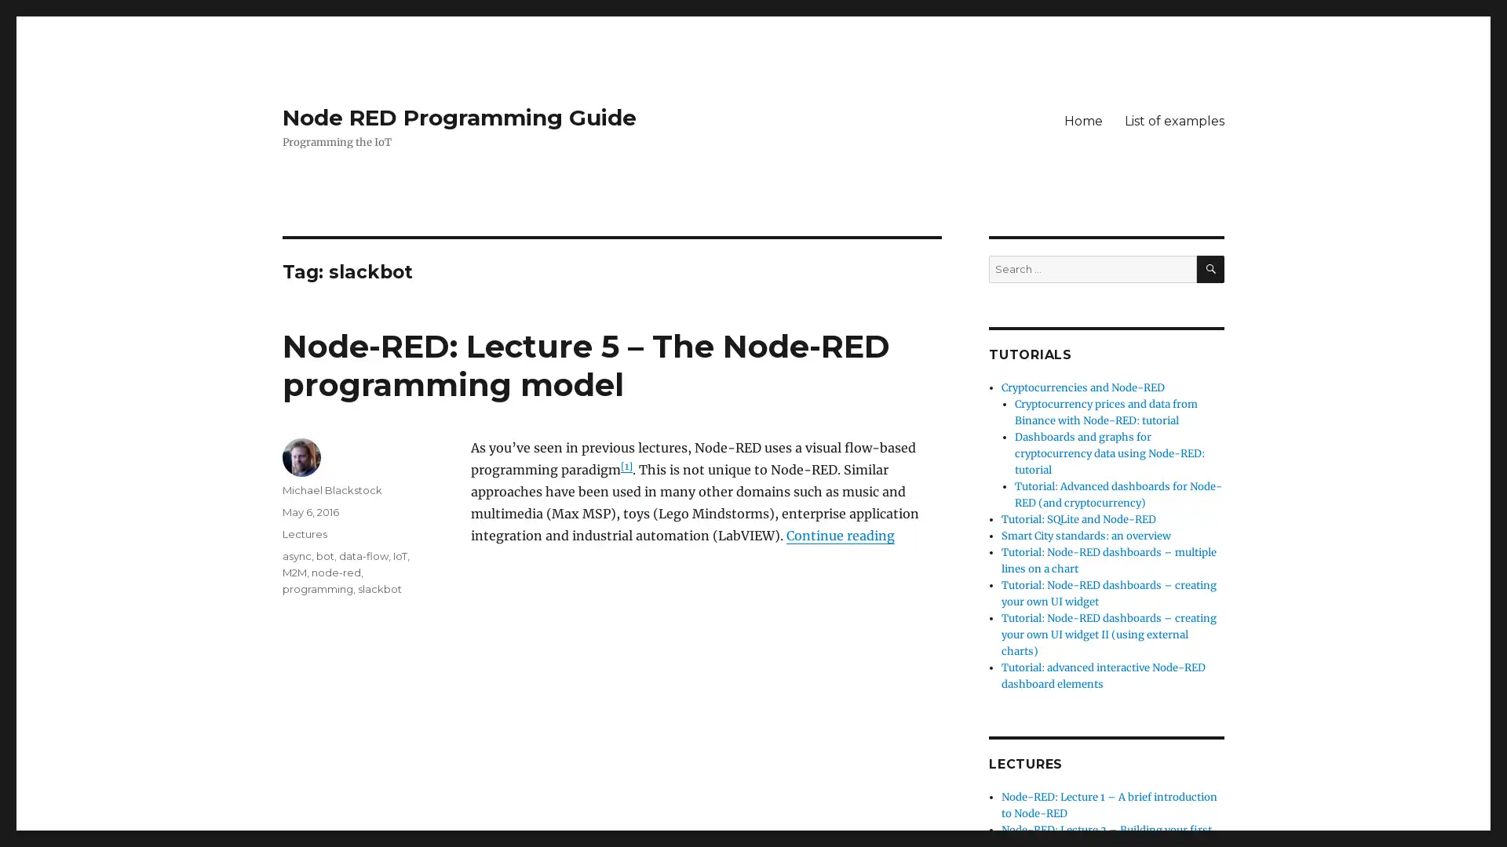 Image resolution: width=1507 pixels, height=847 pixels. What do you see at coordinates (1210, 268) in the screenshot?
I see `SEARCH` at bounding box center [1210, 268].